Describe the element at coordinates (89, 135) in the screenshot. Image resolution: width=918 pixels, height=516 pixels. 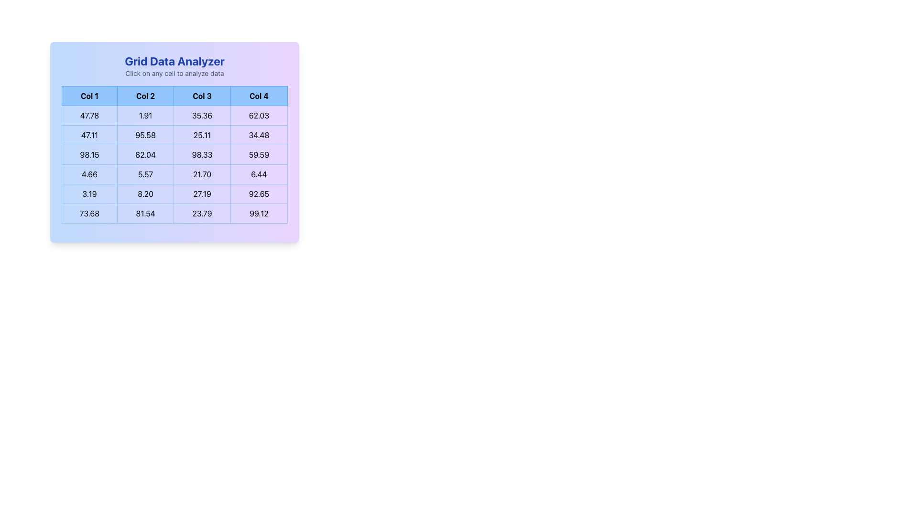
I see `the Table Cell displaying the numeric value '47.11' located in the second row under 'Col 1' of the grid-like table` at that location.